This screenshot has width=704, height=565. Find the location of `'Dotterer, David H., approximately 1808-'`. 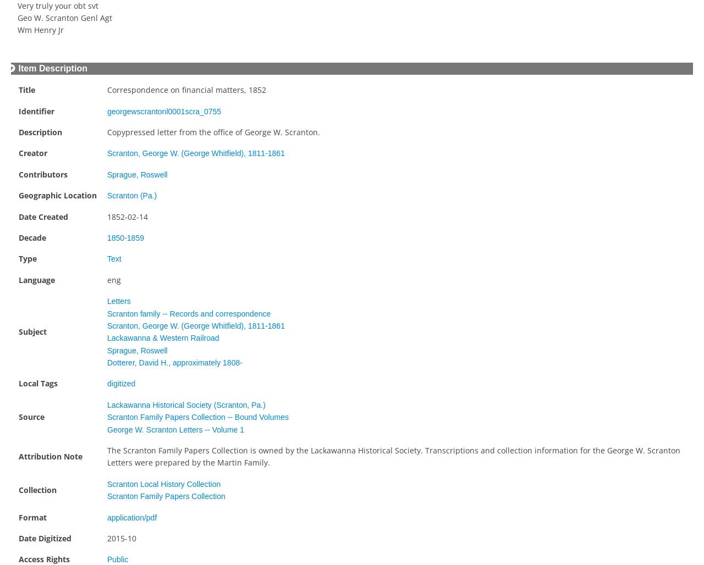

'Dotterer, David H., approximately 1808-' is located at coordinates (174, 362).